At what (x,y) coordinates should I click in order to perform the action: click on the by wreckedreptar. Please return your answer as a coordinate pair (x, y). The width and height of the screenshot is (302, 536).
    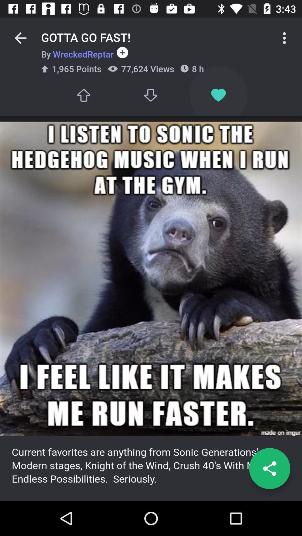
    Looking at the image, I should click on (77, 54).